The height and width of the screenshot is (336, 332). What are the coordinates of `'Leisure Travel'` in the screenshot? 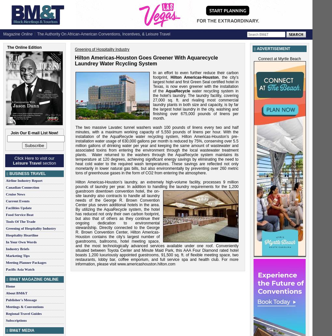 It's located at (12, 163).